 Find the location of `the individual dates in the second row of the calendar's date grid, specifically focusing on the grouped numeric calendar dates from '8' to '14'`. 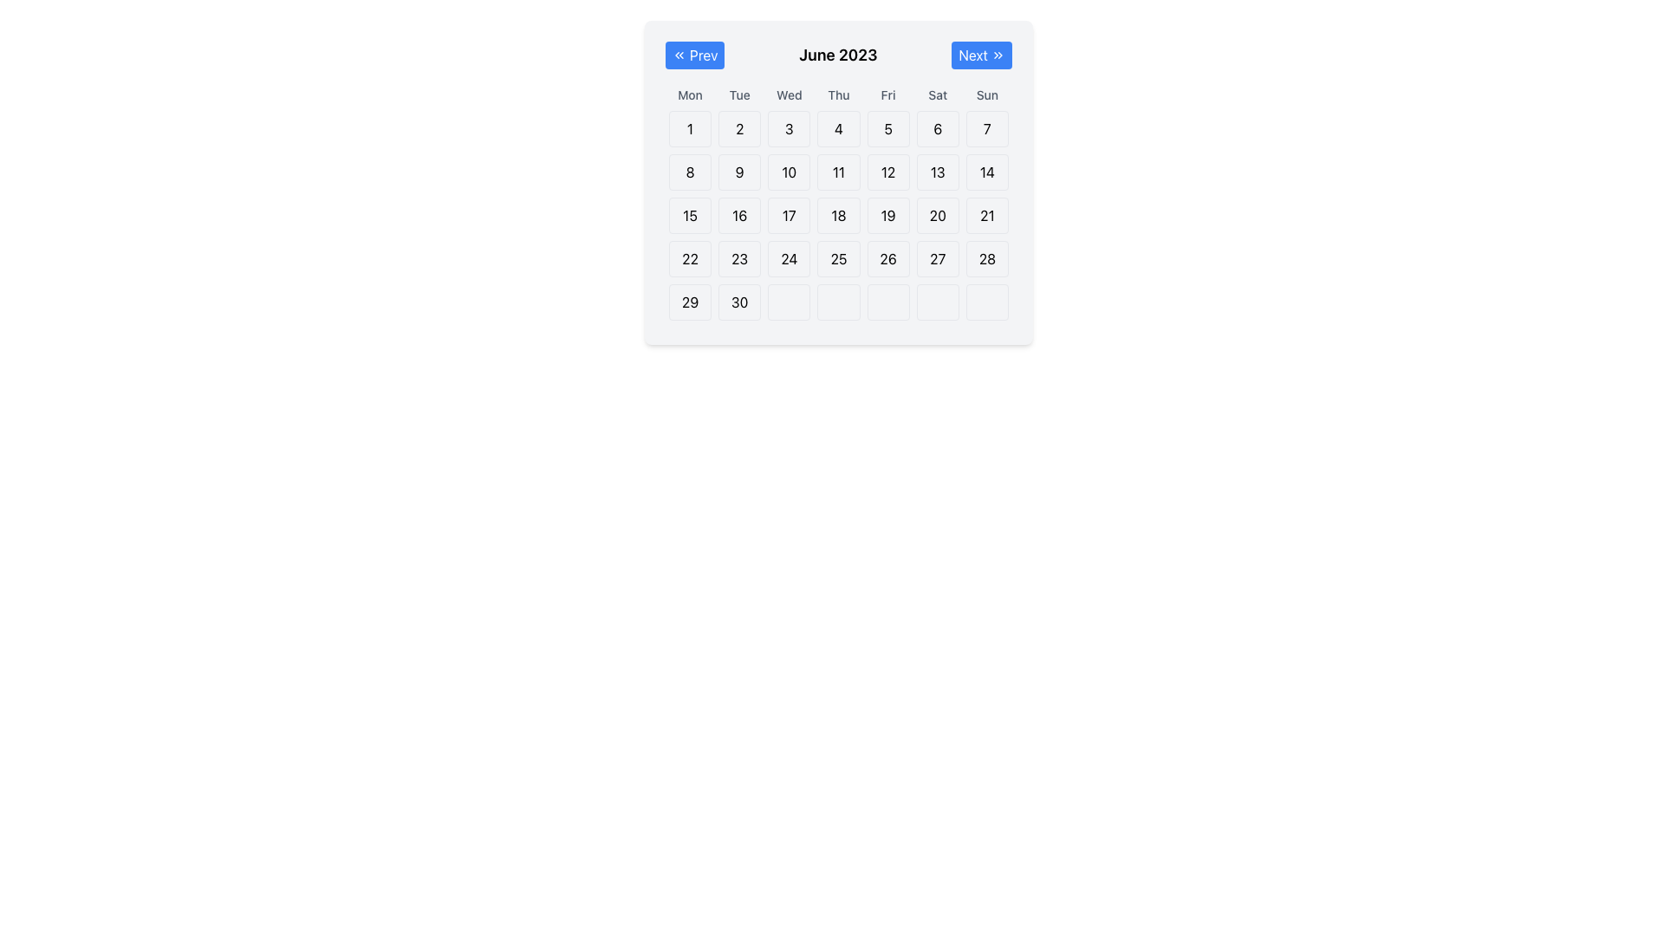

the individual dates in the second row of the calendar's date grid, specifically focusing on the grouped numeric calendar dates from '8' to '14' is located at coordinates (839, 172).